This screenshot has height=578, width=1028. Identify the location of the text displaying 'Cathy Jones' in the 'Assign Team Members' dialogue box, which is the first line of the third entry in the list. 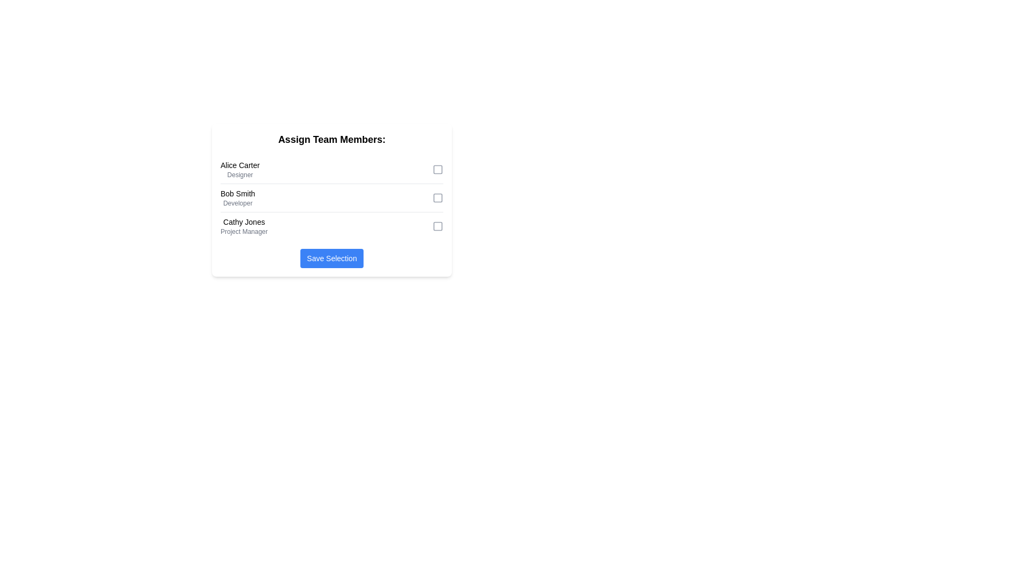
(244, 222).